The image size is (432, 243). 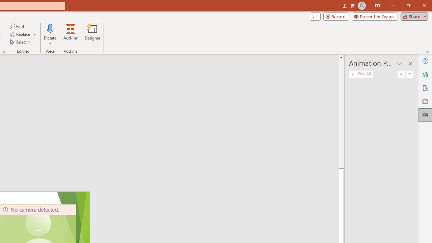 I want to click on 'Collapse the Ribbon', so click(x=427, y=51).